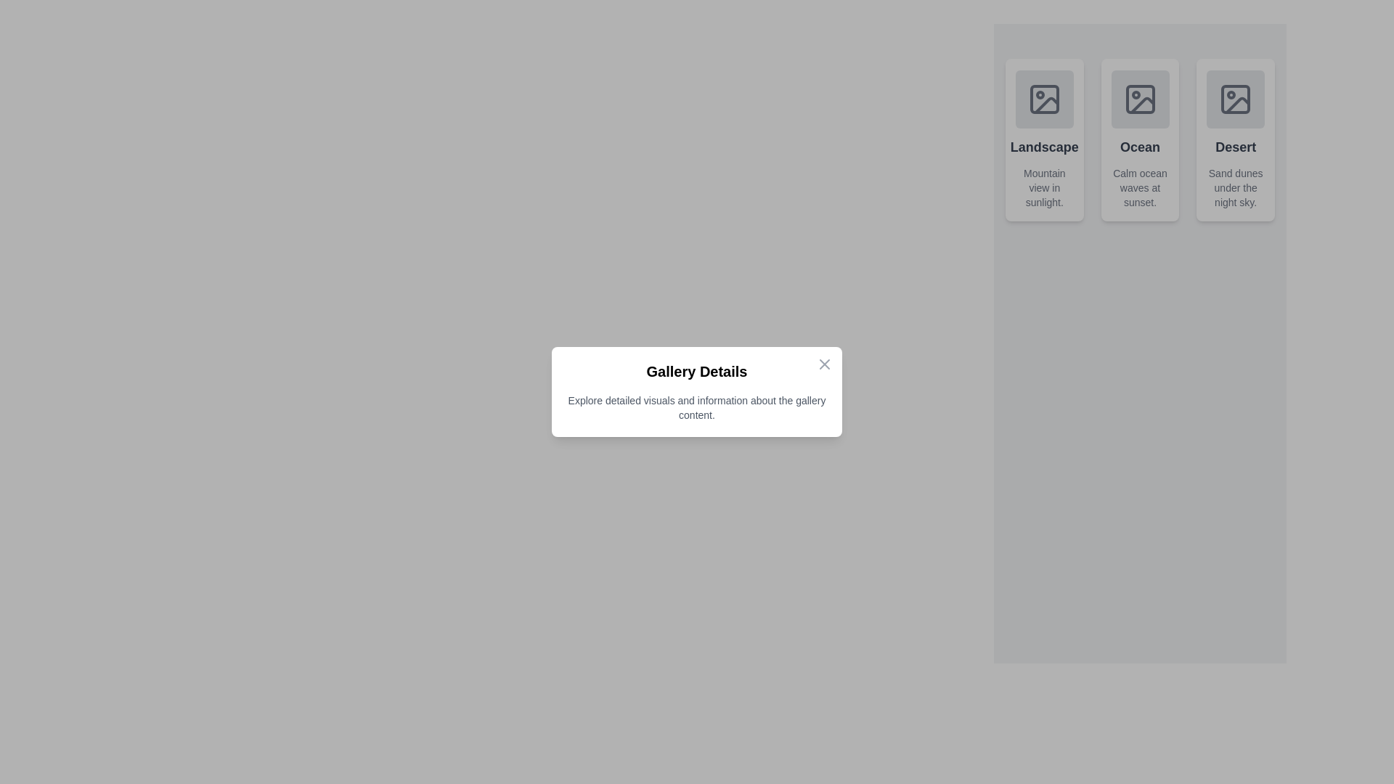 The image size is (1394, 784). What do you see at coordinates (1046, 105) in the screenshot?
I see `the decorative graphical element inside the image icon located in the first card labeled 'Landscape' on the right side of the interface` at bounding box center [1046, 105].